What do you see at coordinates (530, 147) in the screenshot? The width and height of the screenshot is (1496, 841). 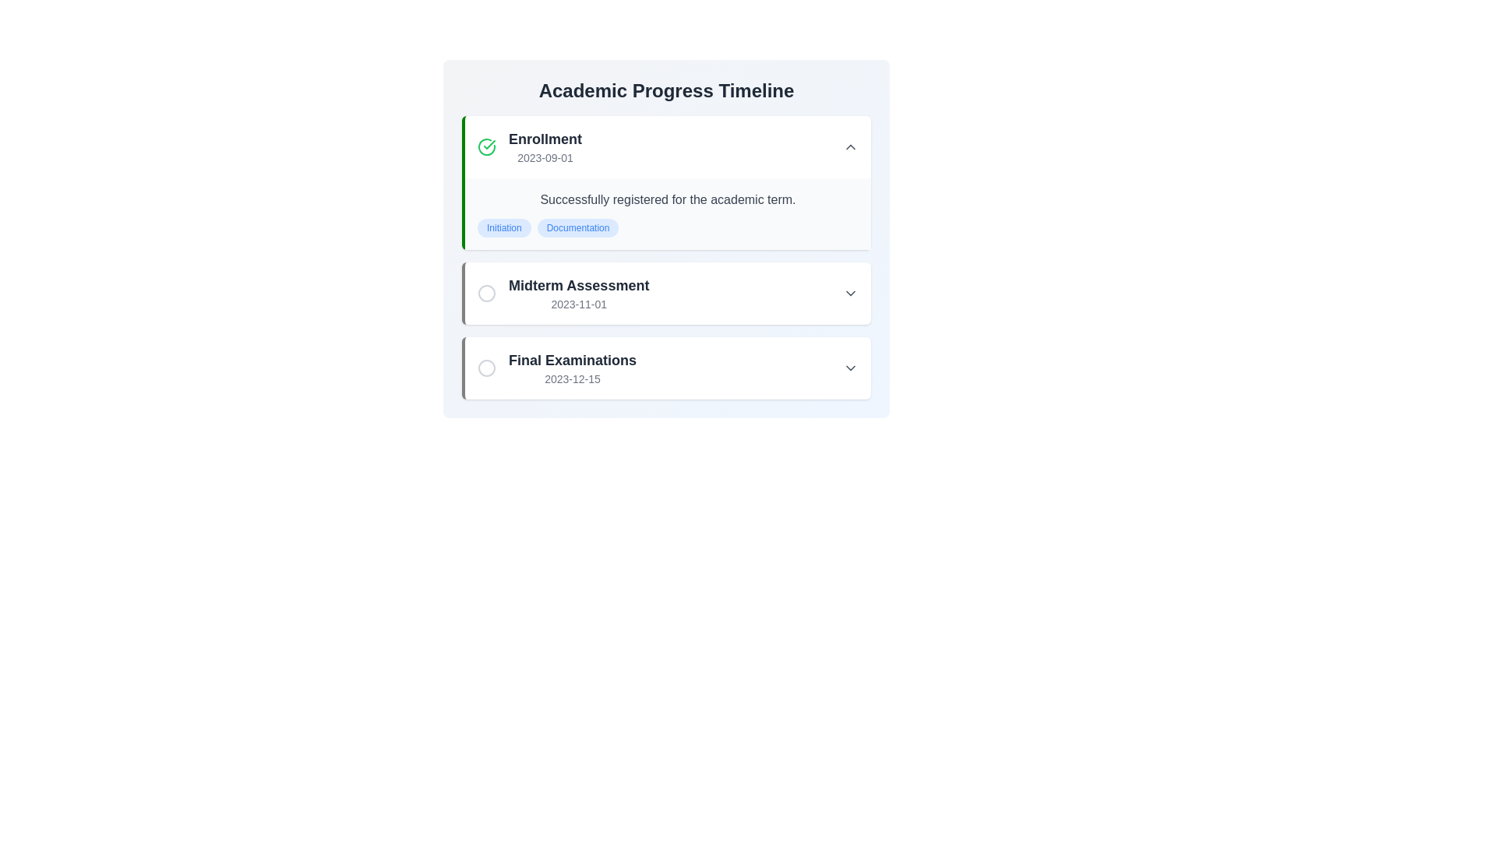 I see `information displayed in the 'Enrollment' title with the green circular checkmark icon, which includes the text 'Enrollment' in bold and '2023-09-01' below it` at bounding box center [530, 147].